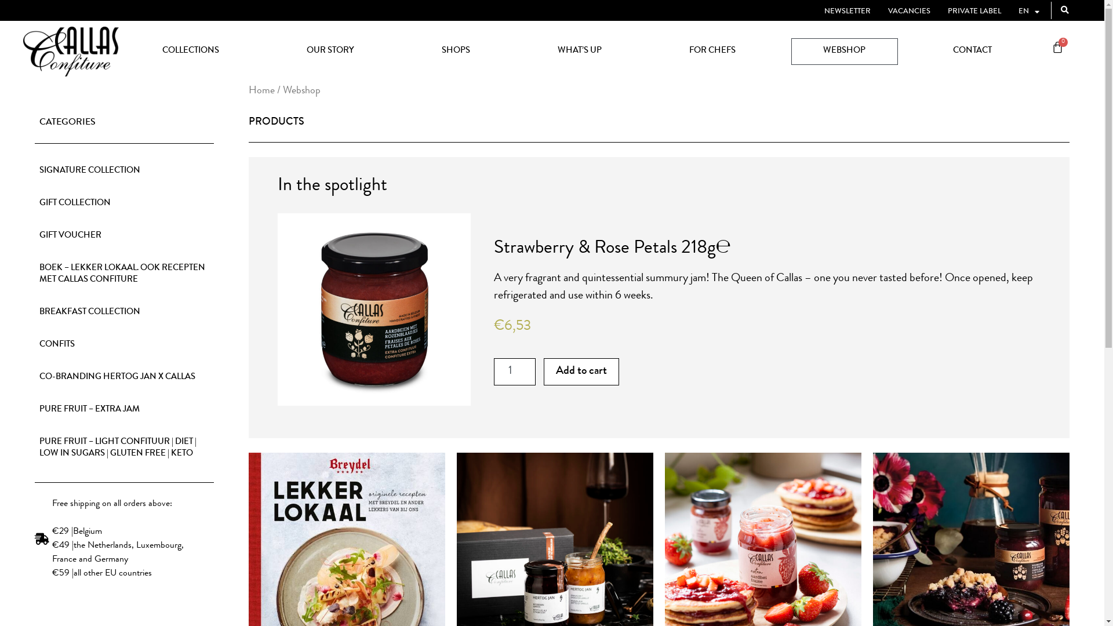  I want to click on 'COLLECTIONS', so click(190, 50).